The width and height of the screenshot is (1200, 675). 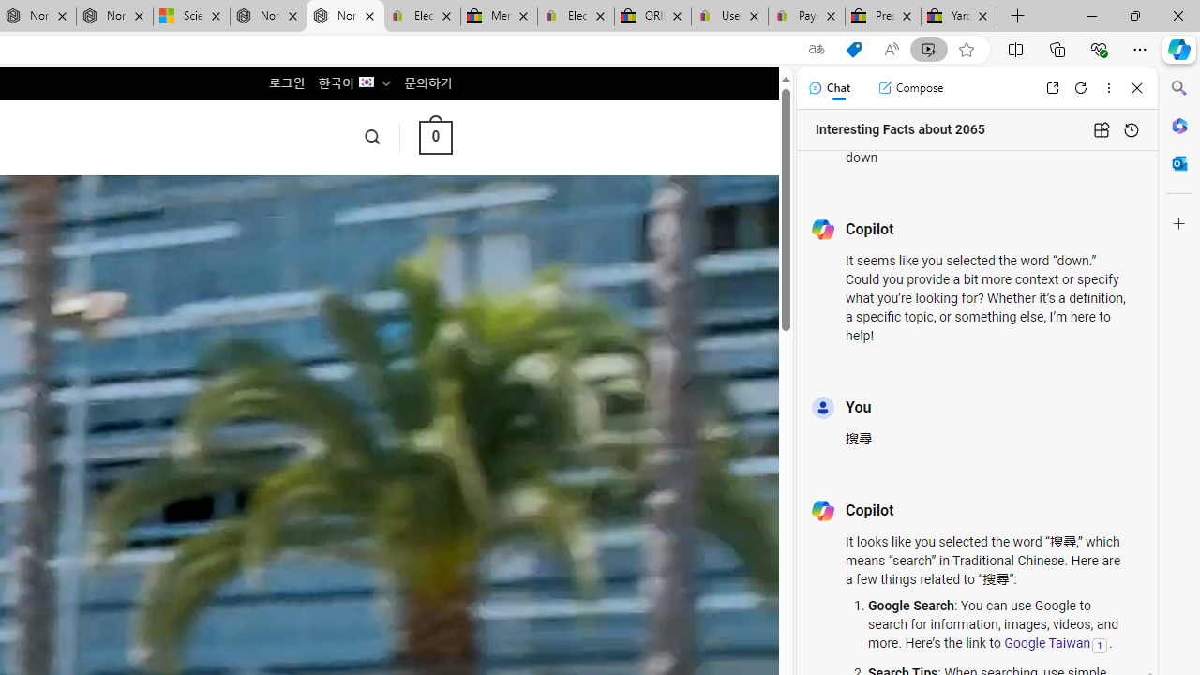 I want to click on '  0  ', so click(x=434, y=136).